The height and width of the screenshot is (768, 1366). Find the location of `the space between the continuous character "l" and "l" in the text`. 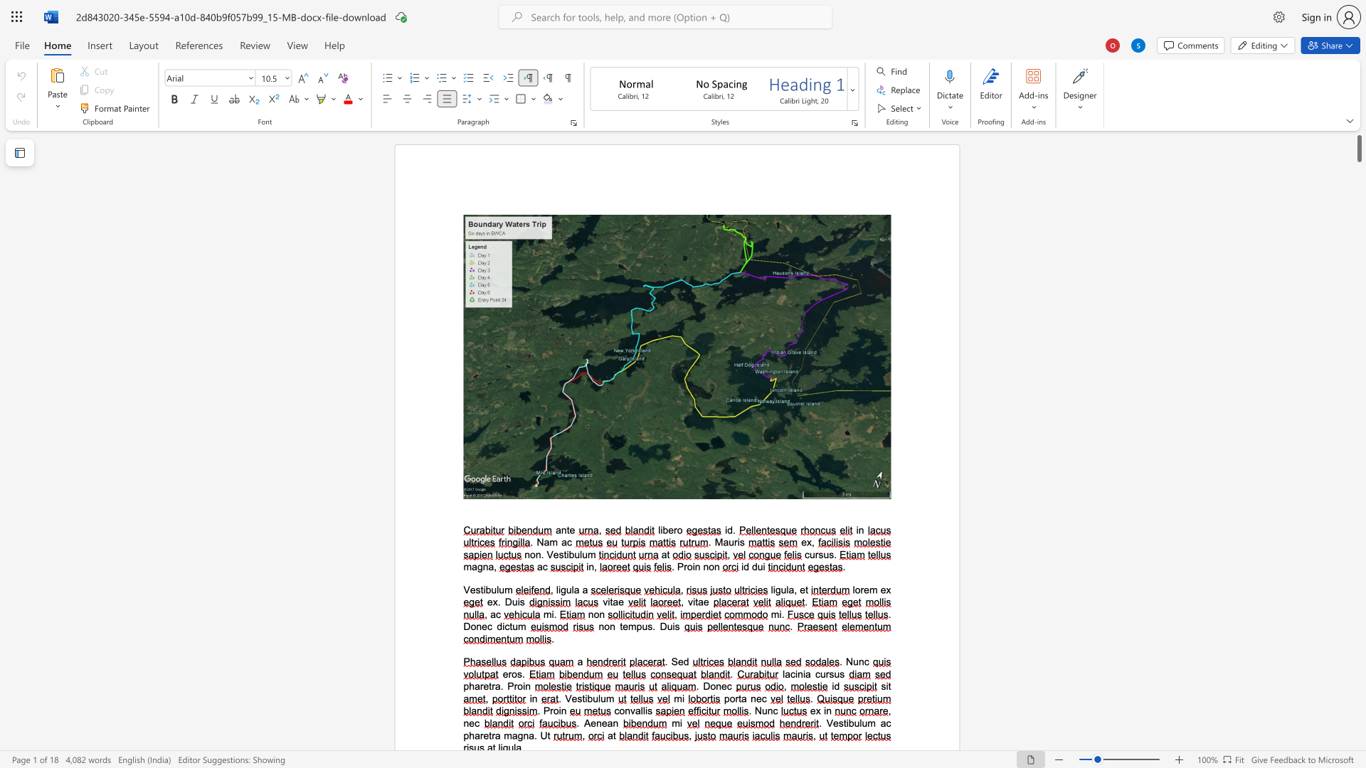

the space between the continuous character "l" and "l" in the text is located at coordinates (642, 710).